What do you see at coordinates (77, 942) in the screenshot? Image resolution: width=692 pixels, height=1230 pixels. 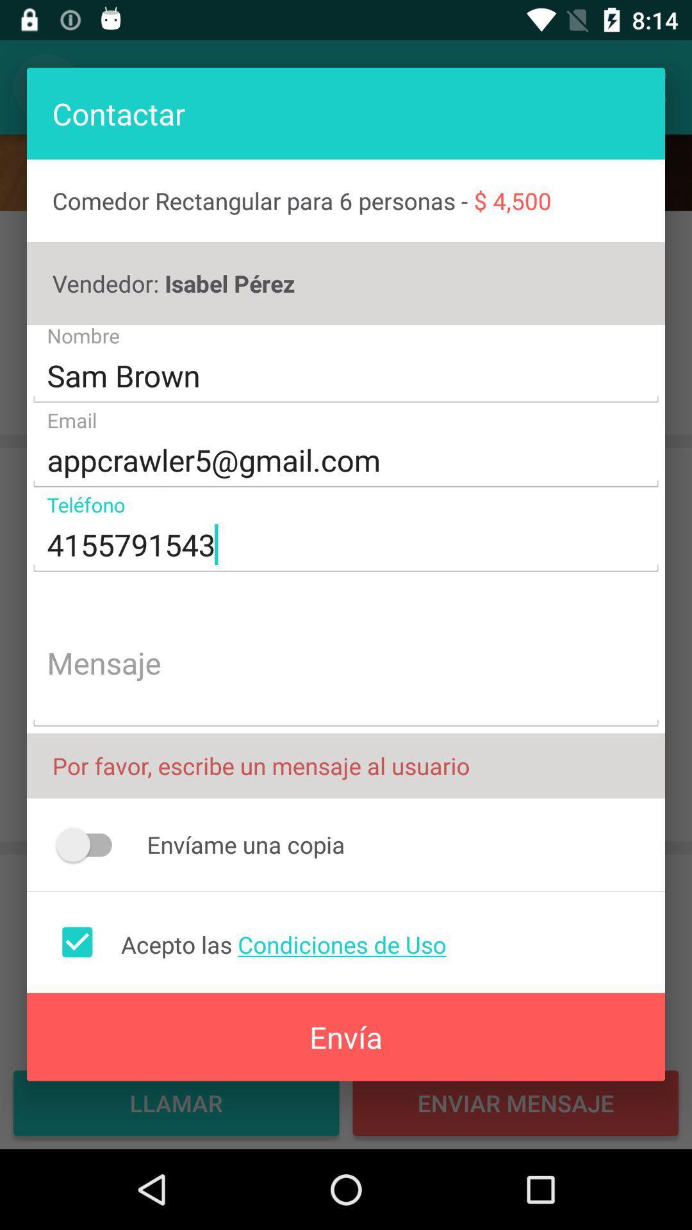 I see `item to the left of the acepto las condiciones` at bounding box center [77, 942].